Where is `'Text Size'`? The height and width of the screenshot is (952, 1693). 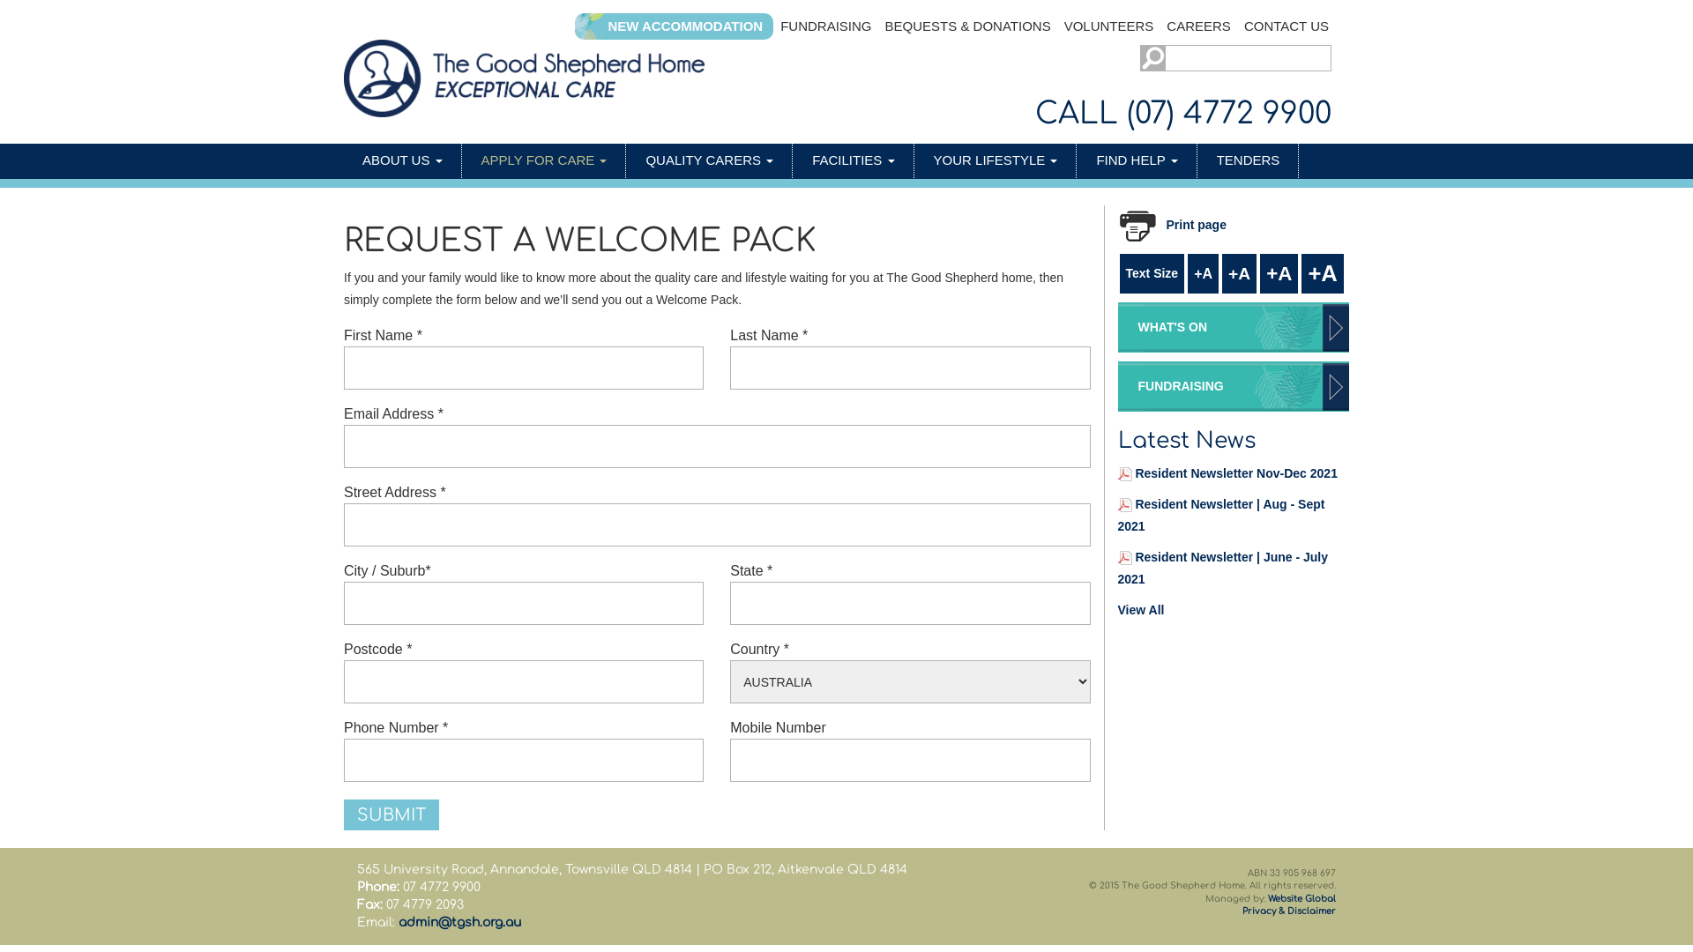 'Text Size' is located at coordinates (1152, 273).